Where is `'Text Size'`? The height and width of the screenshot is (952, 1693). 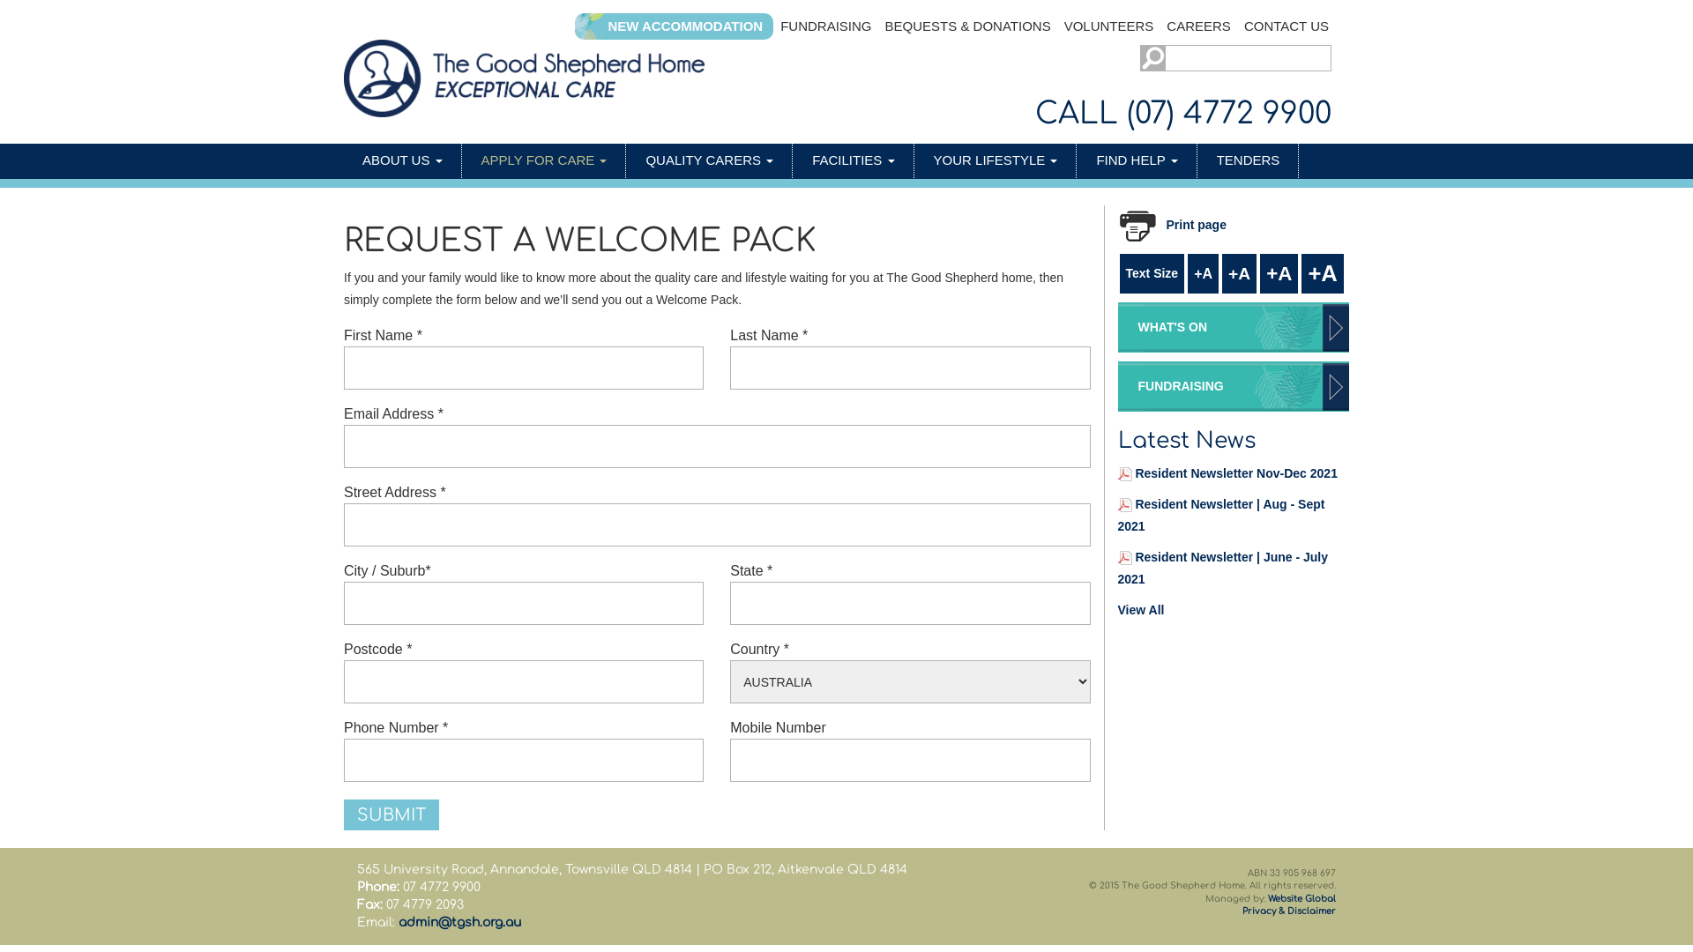 'Text Size' is located at coordinates (1152, 273).